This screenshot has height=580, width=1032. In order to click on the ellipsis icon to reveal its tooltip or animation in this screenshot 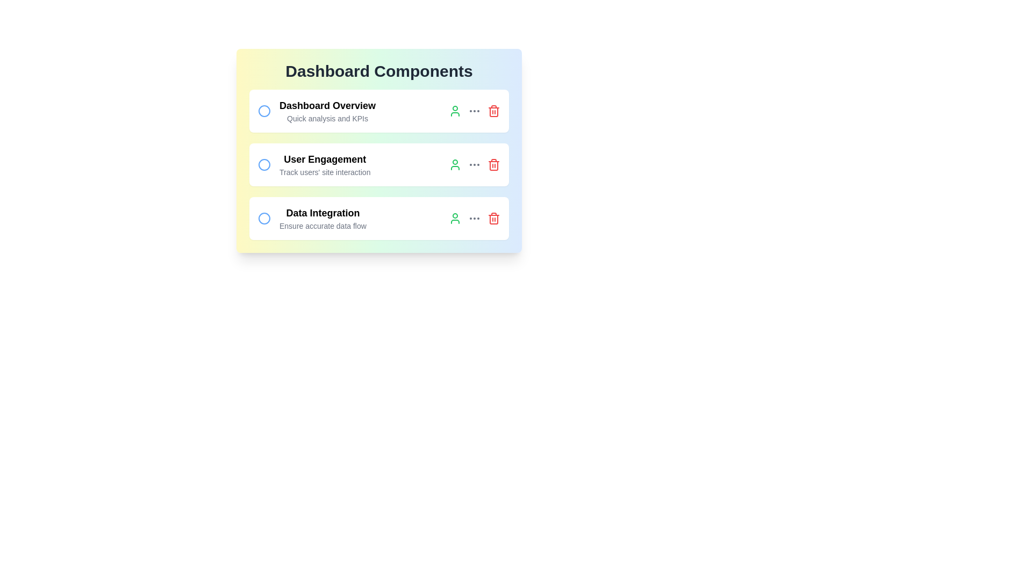, I will do `click(474, 111)`.